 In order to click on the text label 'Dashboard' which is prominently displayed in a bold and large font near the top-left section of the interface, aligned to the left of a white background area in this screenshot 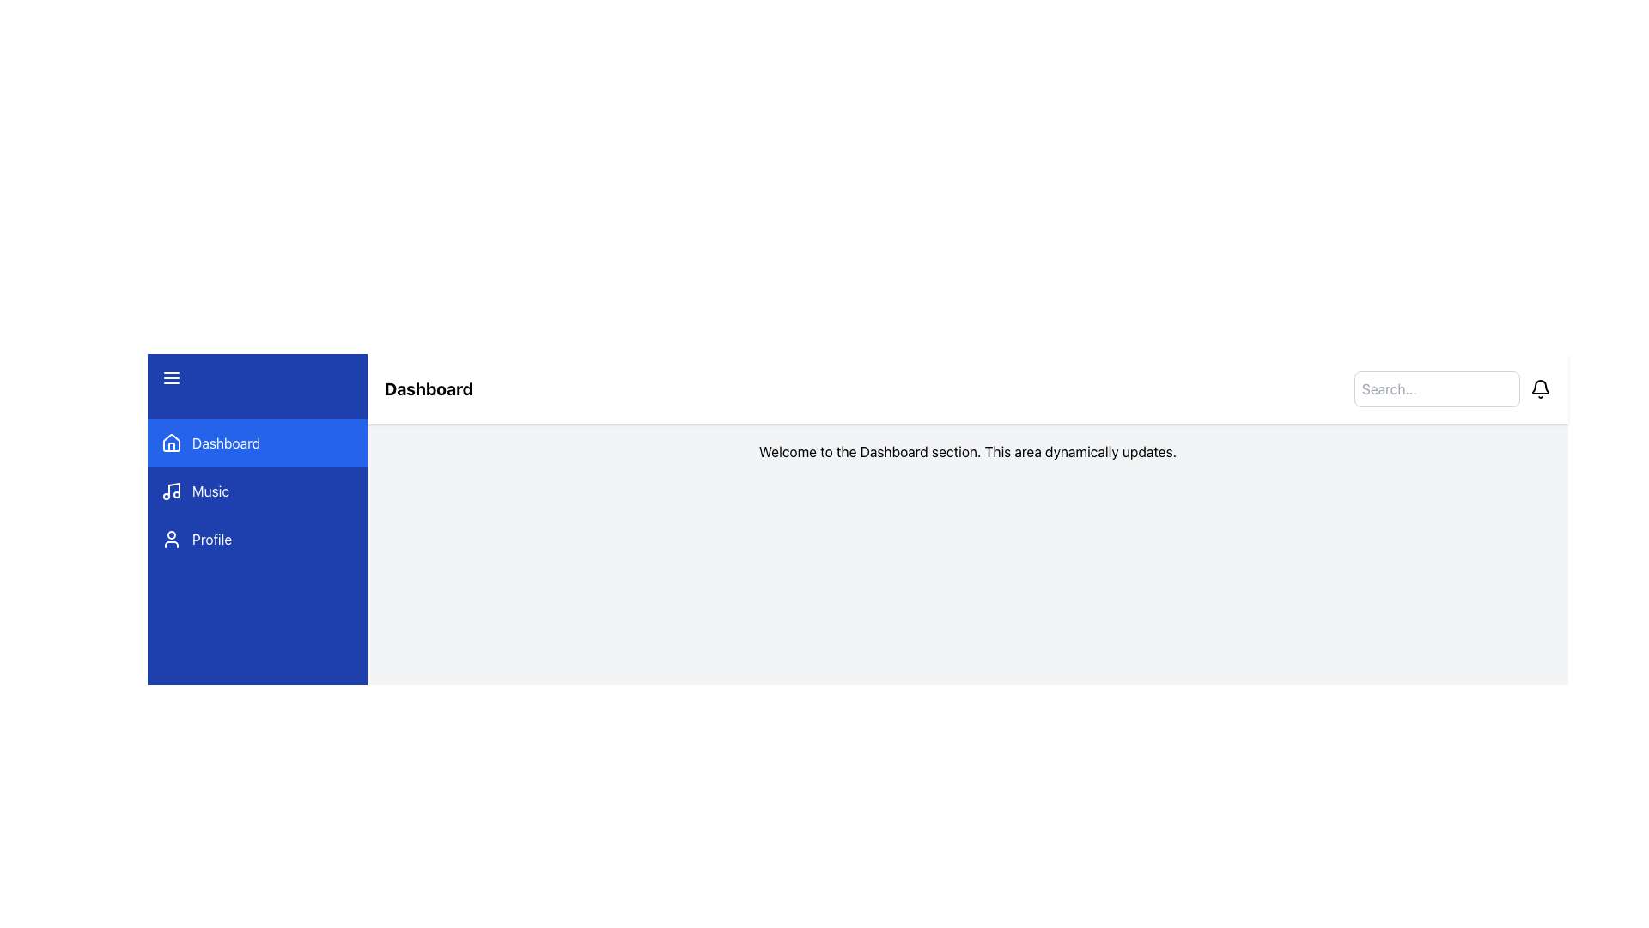, I will do `click(429, 388)`.